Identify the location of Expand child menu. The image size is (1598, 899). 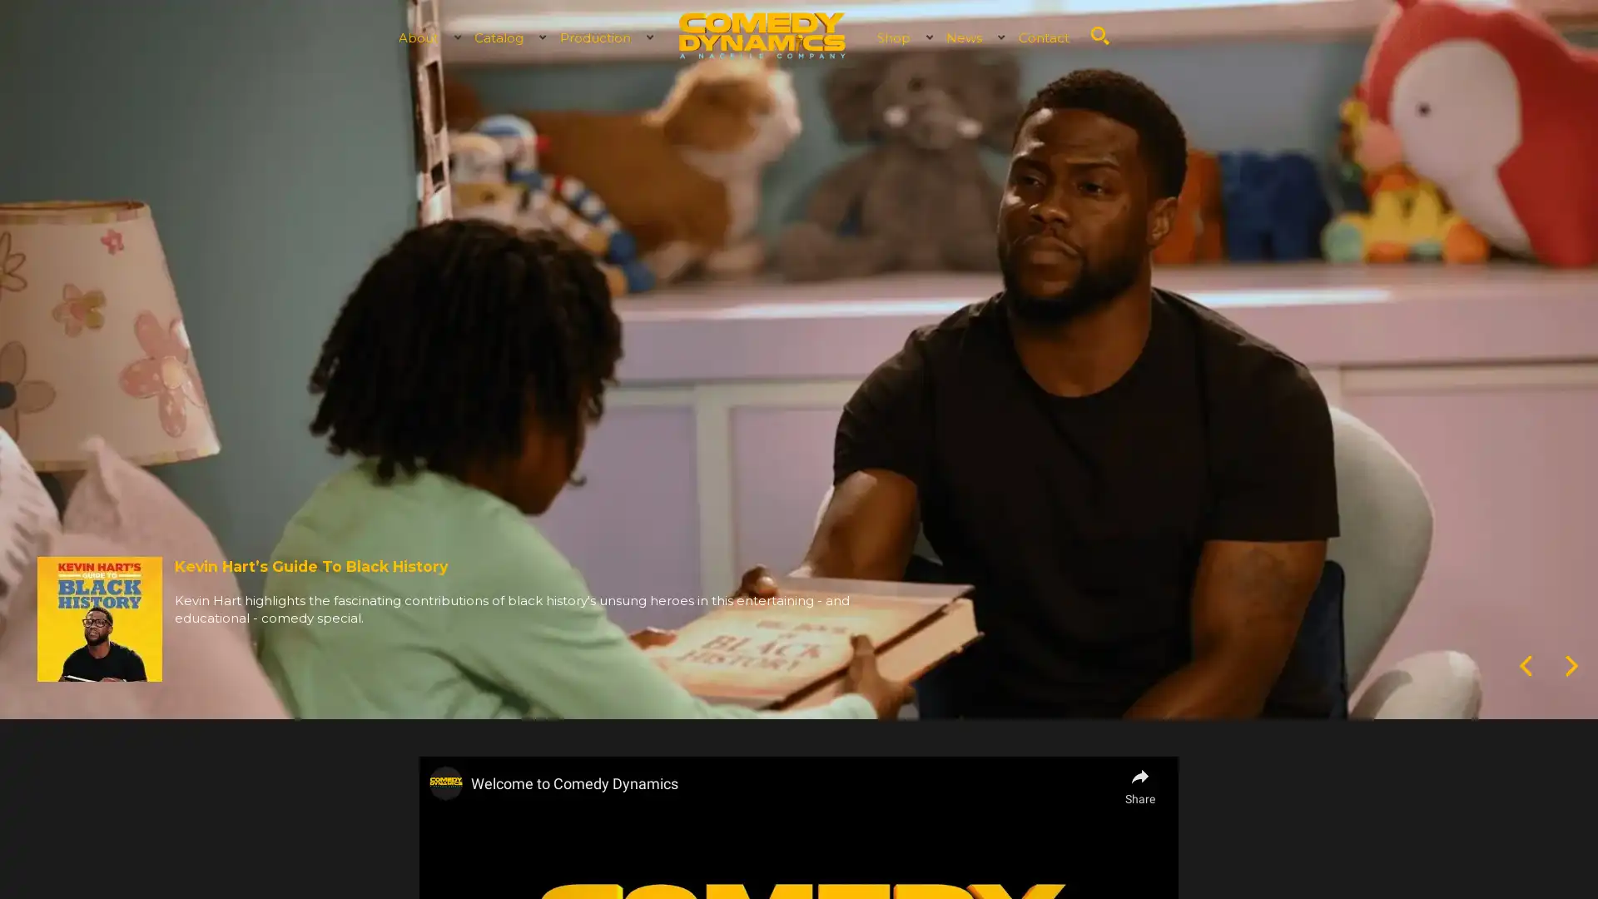
(928, 37).